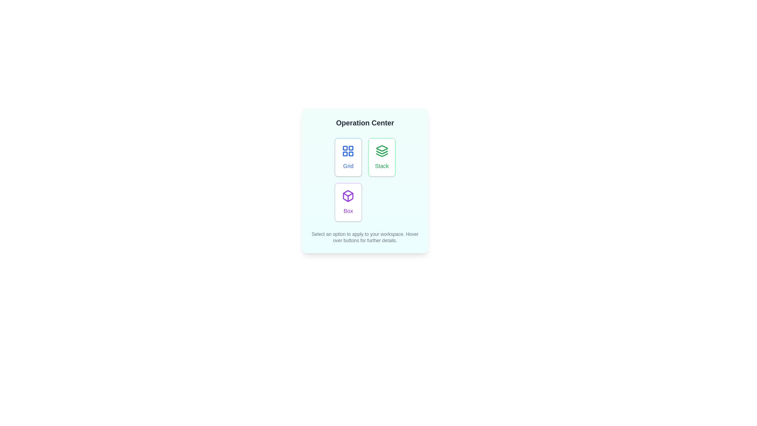  I want to click on the graphical icon with a green outline and white fill, which is located within the button labeled 'Stack', so click(382, 151).